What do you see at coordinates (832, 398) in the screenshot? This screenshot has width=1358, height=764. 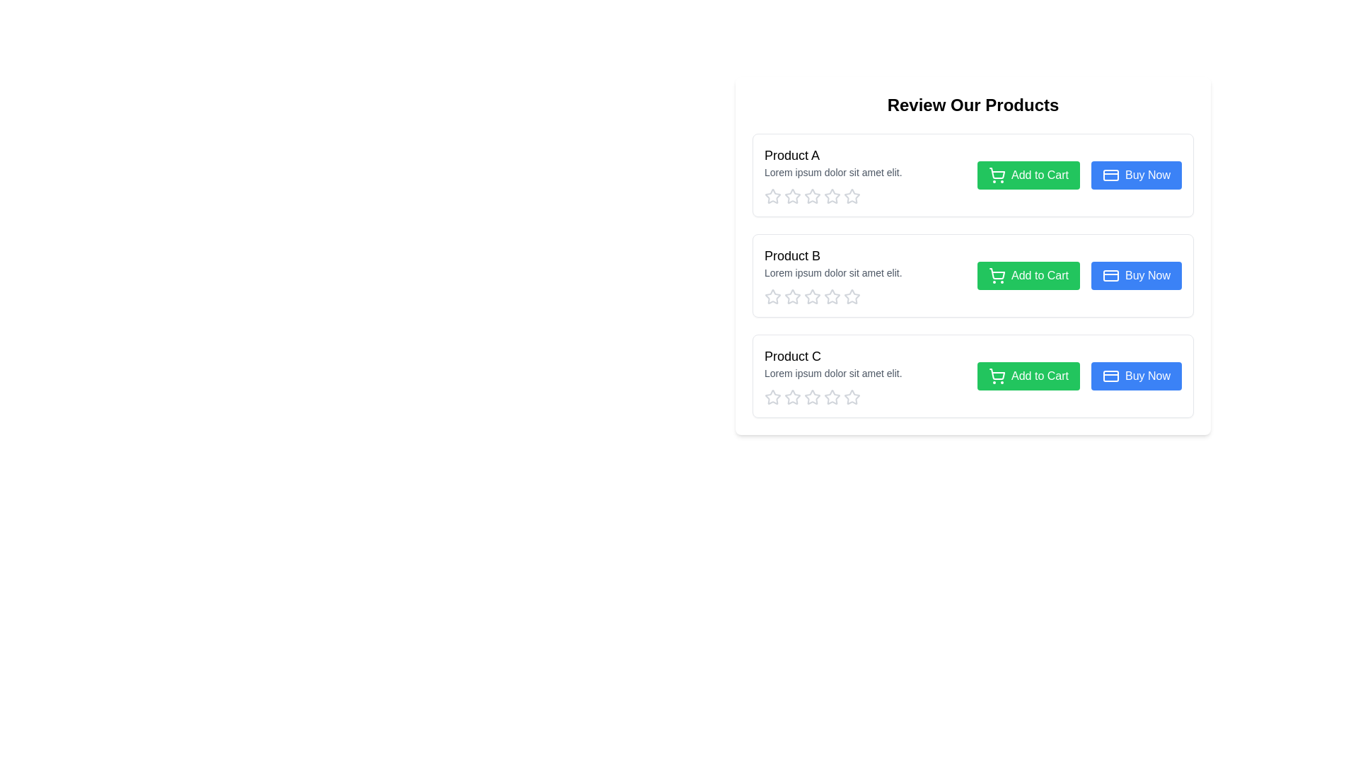 I see `the sixth star icon in the rating section of Product C` at bounding box center [832, 398].